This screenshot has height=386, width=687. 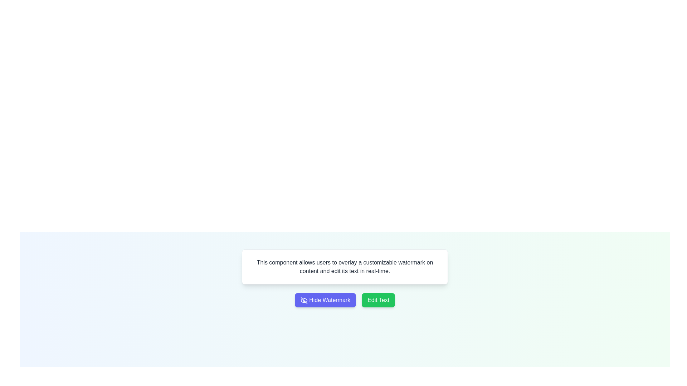 What do you see at coordinates (345, 267) in the screenshot?
I see `the Text Block that provides instructions for watermark customization, located below the 'Confidential' text element` at bounding box center [345, 267].